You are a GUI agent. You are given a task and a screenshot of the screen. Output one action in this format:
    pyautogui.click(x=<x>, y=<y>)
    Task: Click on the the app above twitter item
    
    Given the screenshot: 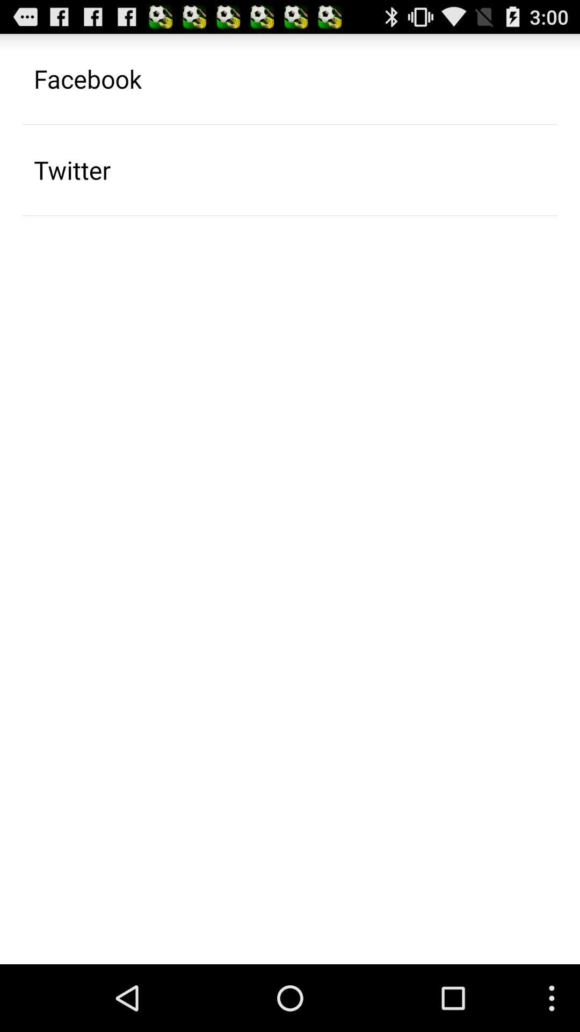 What is the action you would take?
    pyautogui.click(x=87, y=78)
    